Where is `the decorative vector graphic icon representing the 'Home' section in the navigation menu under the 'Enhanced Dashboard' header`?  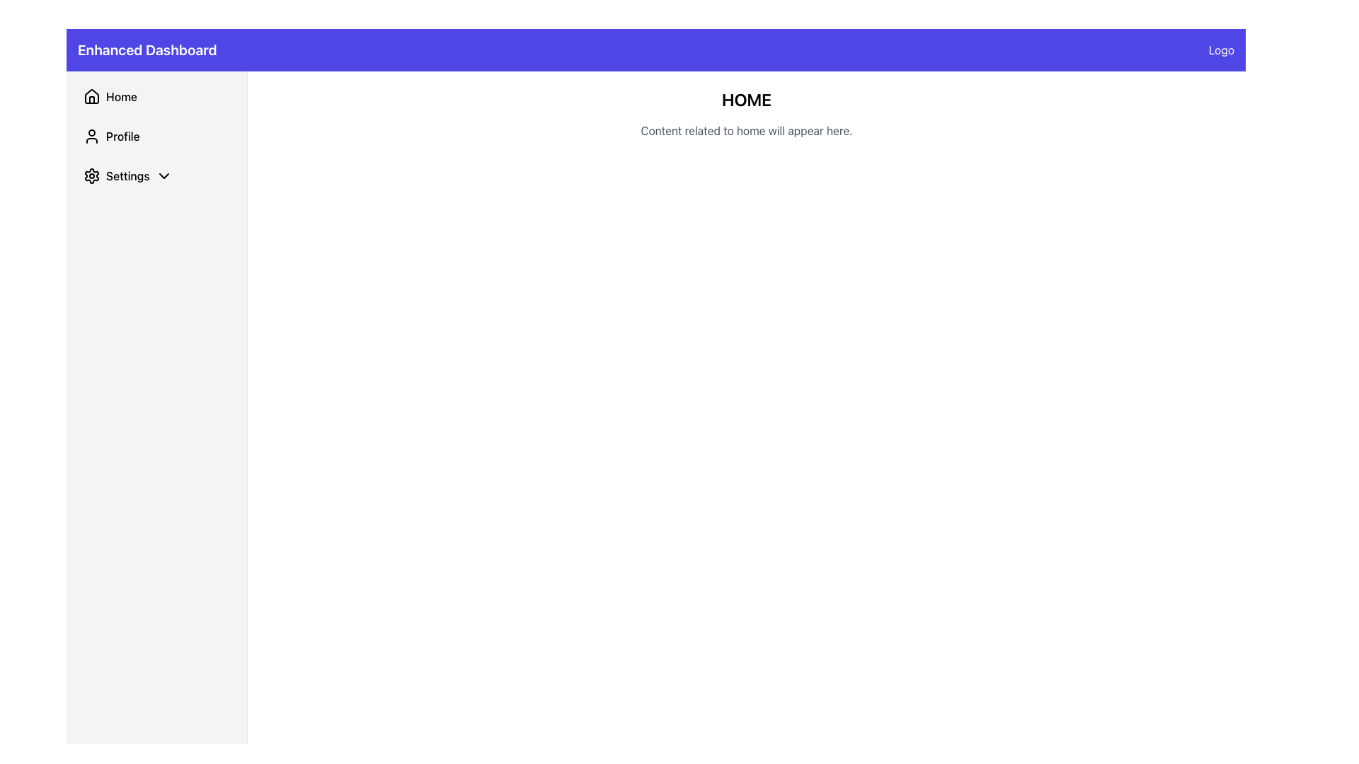
the decorative vector graphic icon representing the 'Home' section in the navigation menu under the 'Enhanced Dashboard' header is located at coordinates (91, 95).